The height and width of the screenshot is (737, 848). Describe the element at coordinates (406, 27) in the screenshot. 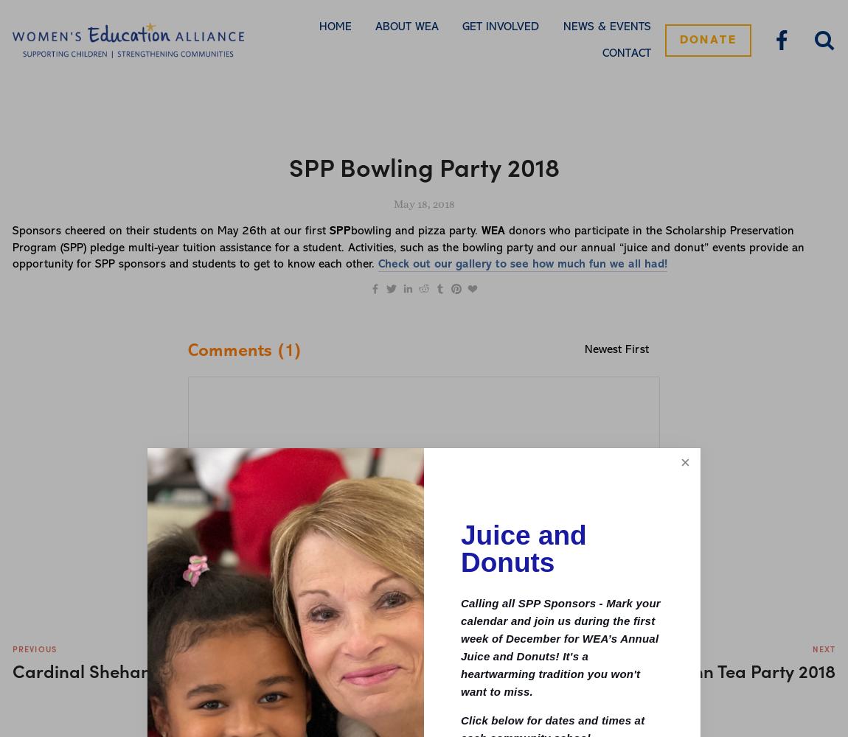

I see `'About WEA'` at that location.